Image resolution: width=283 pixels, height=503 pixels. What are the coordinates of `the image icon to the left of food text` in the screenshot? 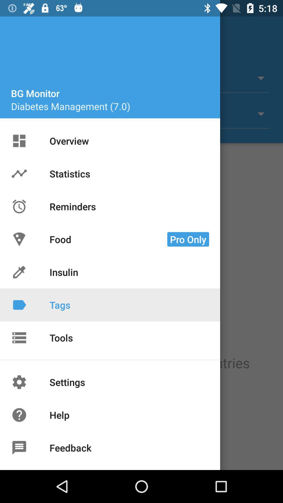 It's located at (19, 239).